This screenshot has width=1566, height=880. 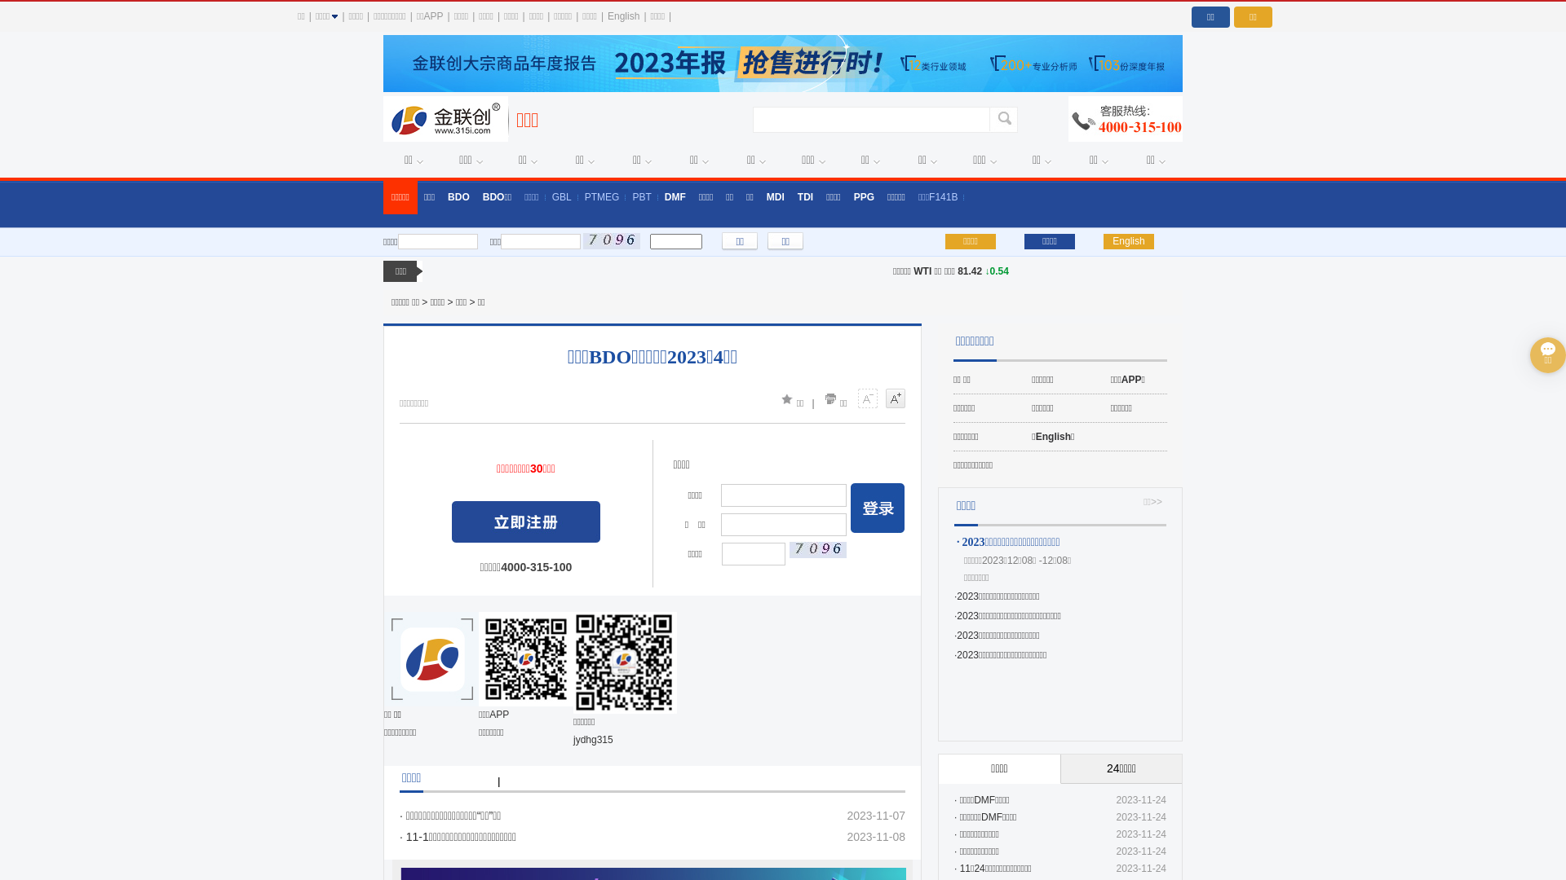 I want to click on 'English', so click(x=1104, y=241).